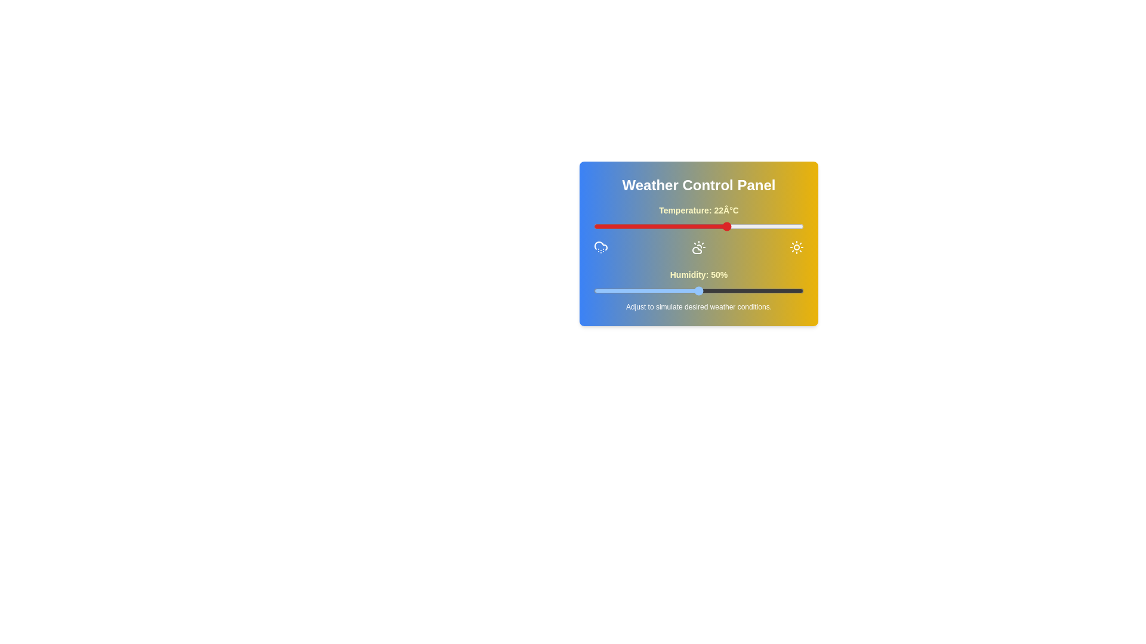 Image resolution: width=1146 pixels, height=644 pixels. I want to click on the static text label indicating the use of the slider for simulating weather conditions, located below the 'Humidity: 50%' slider in the weather control panel interface, so click(699, 306).